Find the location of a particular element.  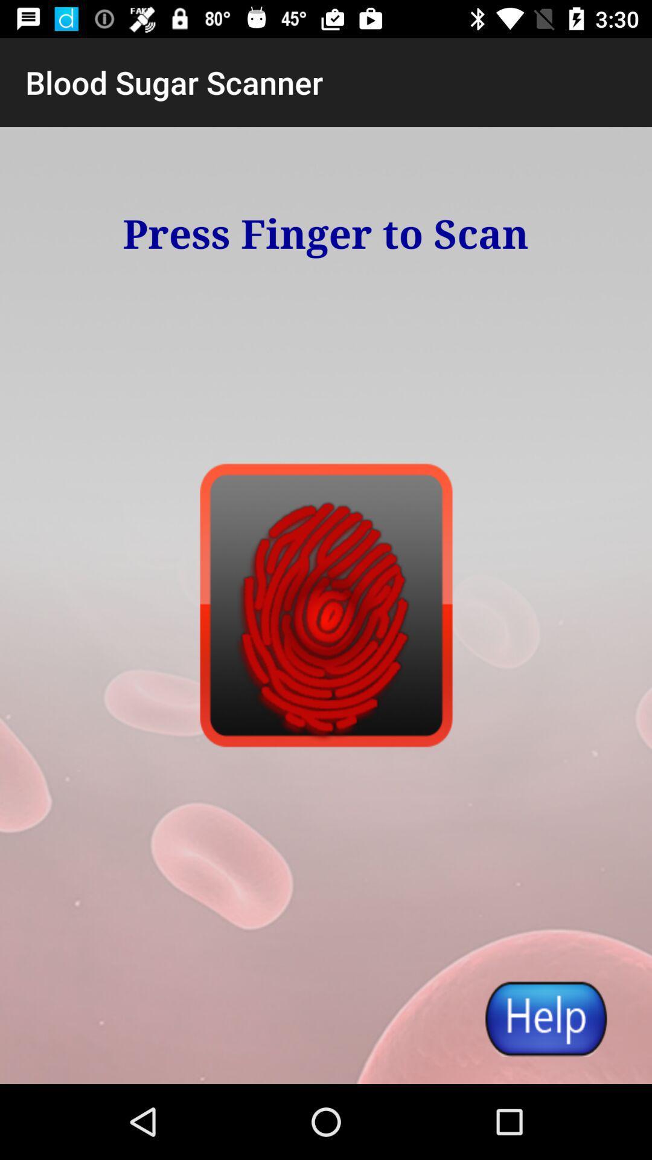

the icon below press finger to app is located at coordinates (545, 1017).